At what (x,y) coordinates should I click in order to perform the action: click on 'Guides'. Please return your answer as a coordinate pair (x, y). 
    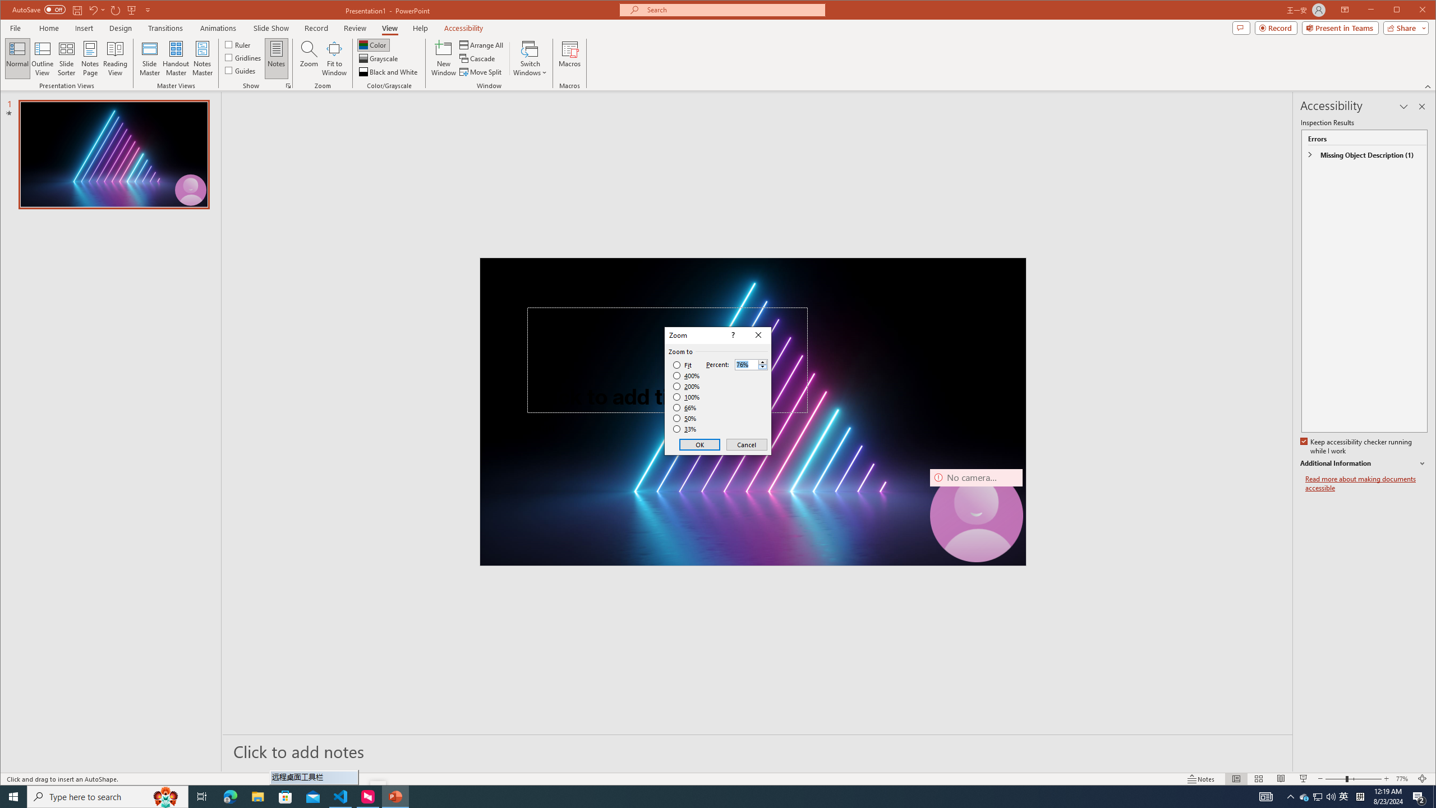
    Looking at the image, I should click on (240, 70).